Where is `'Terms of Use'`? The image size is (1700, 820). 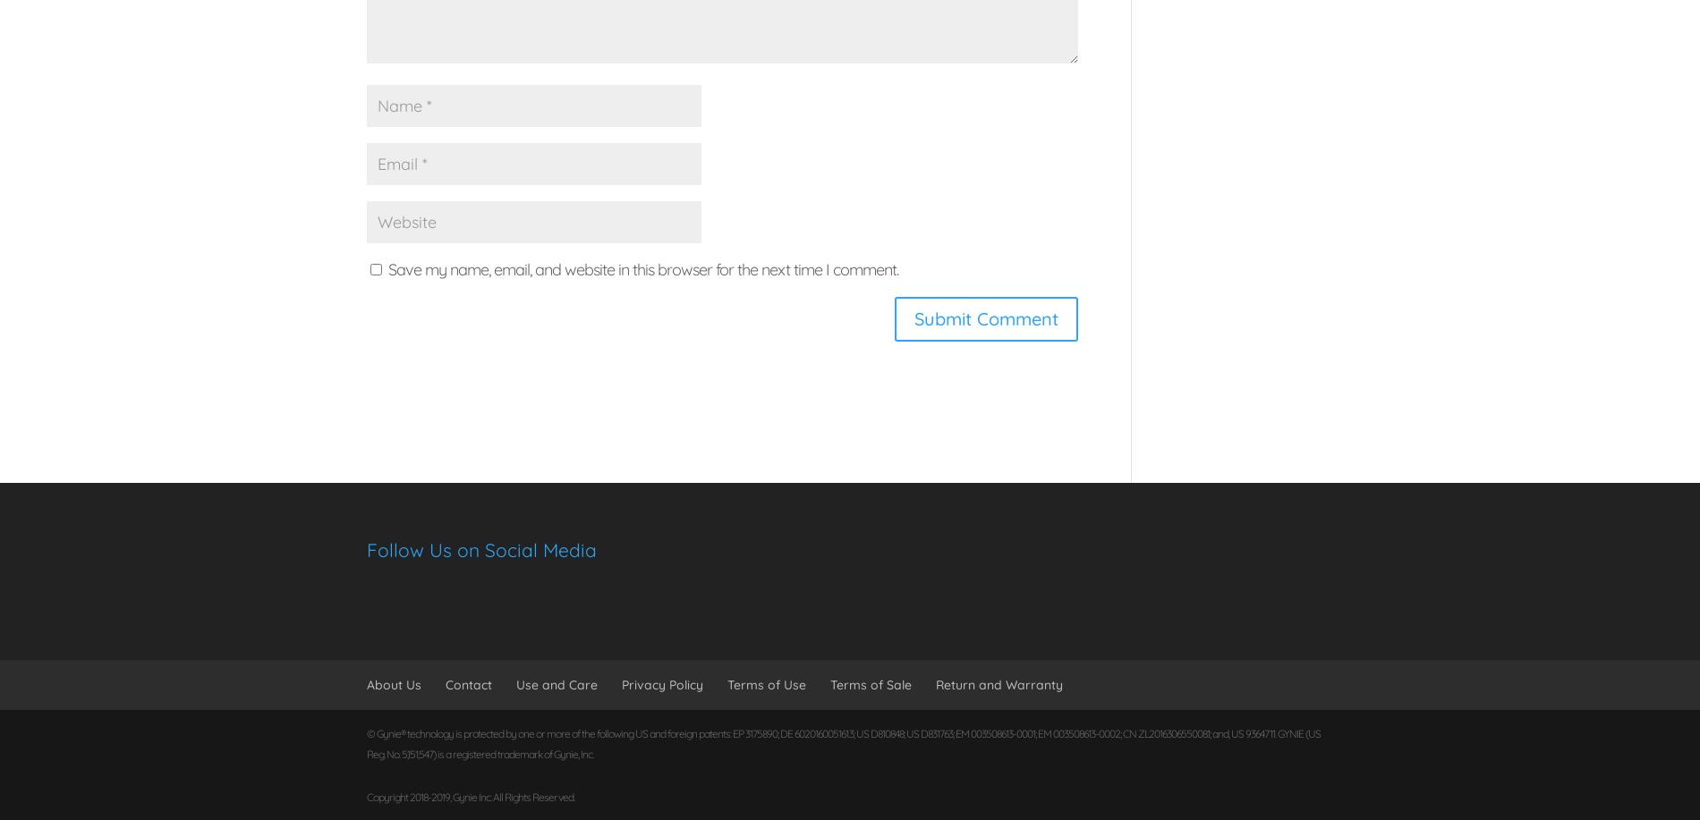 'Terms of Use' is located at coordinates (766, 682).